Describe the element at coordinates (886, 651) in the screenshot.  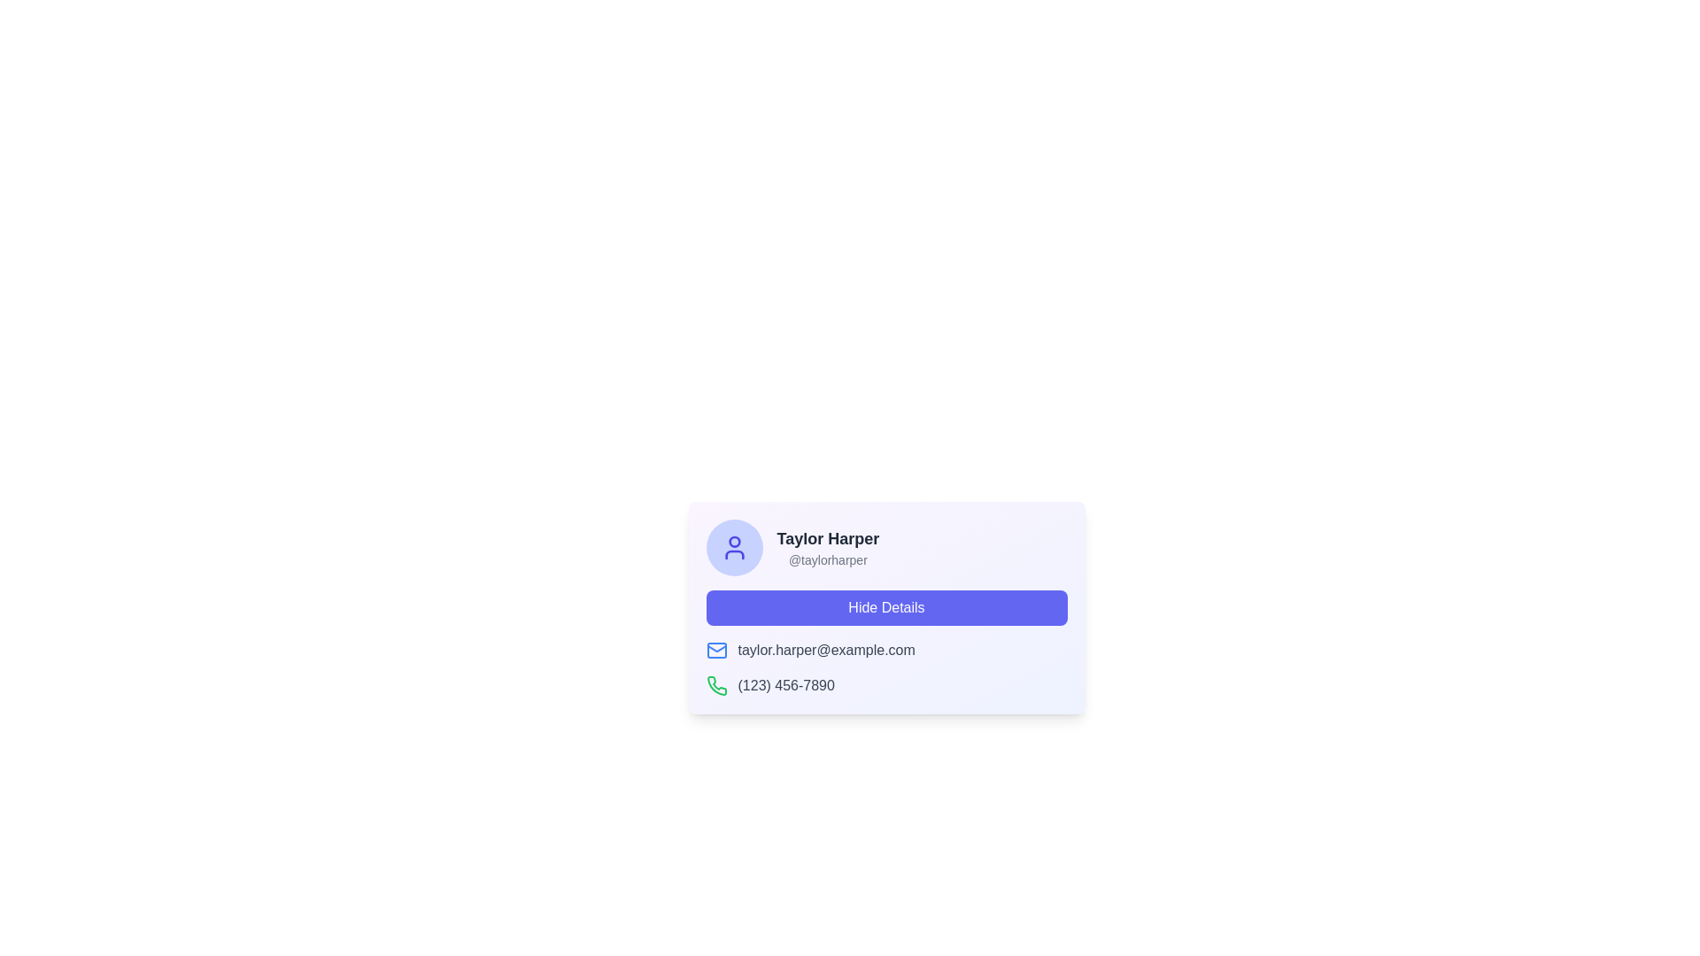
I see `the first row in the user details section of the card that contains the blue envelope icon and the email 'taylor.harper@example.com'` at that location.